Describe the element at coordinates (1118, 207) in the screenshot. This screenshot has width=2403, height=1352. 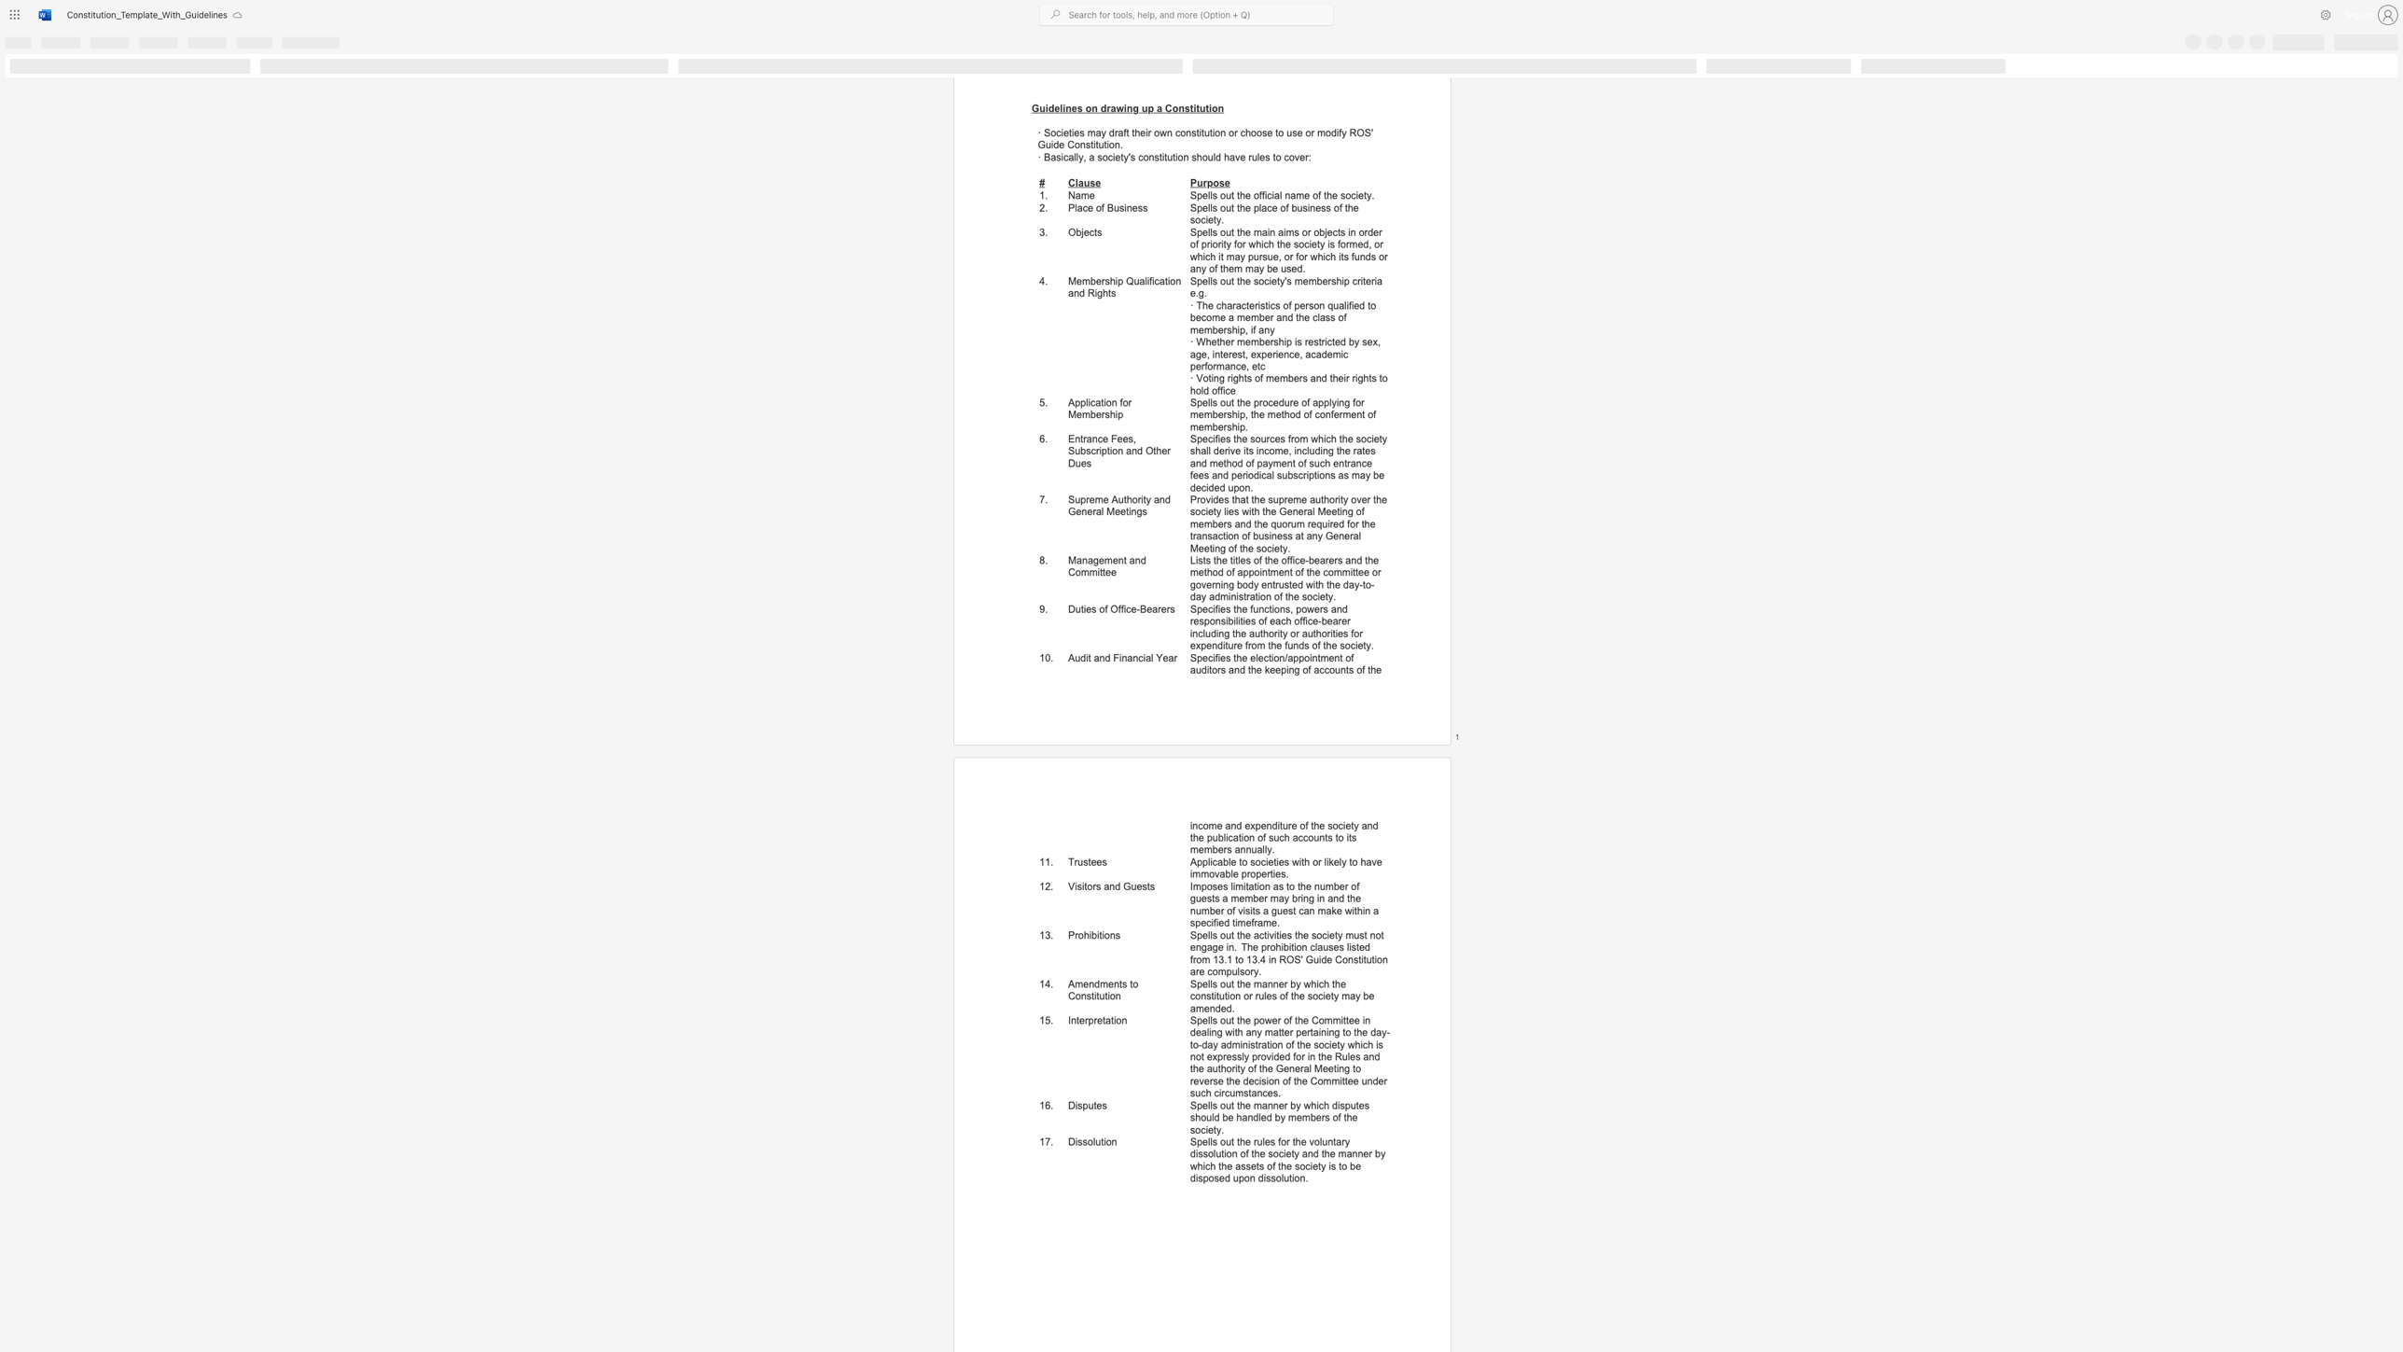
I see `the subset text "si" within the text "Place of Business"` at that location.